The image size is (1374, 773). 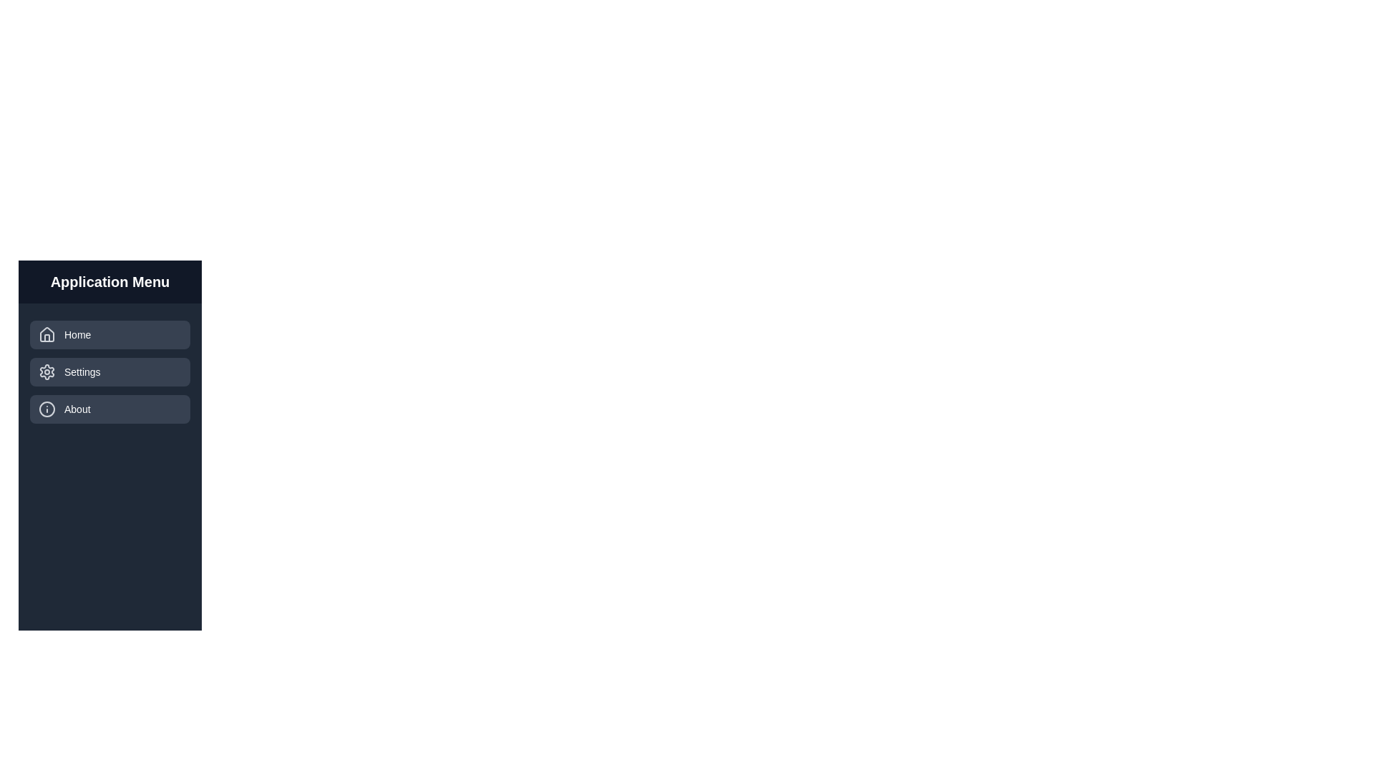 What do you see at coordinates (109, 371) in the screenshot?
I see `the menu item Settings to display its hover effect` at bounding box center [109, 371].